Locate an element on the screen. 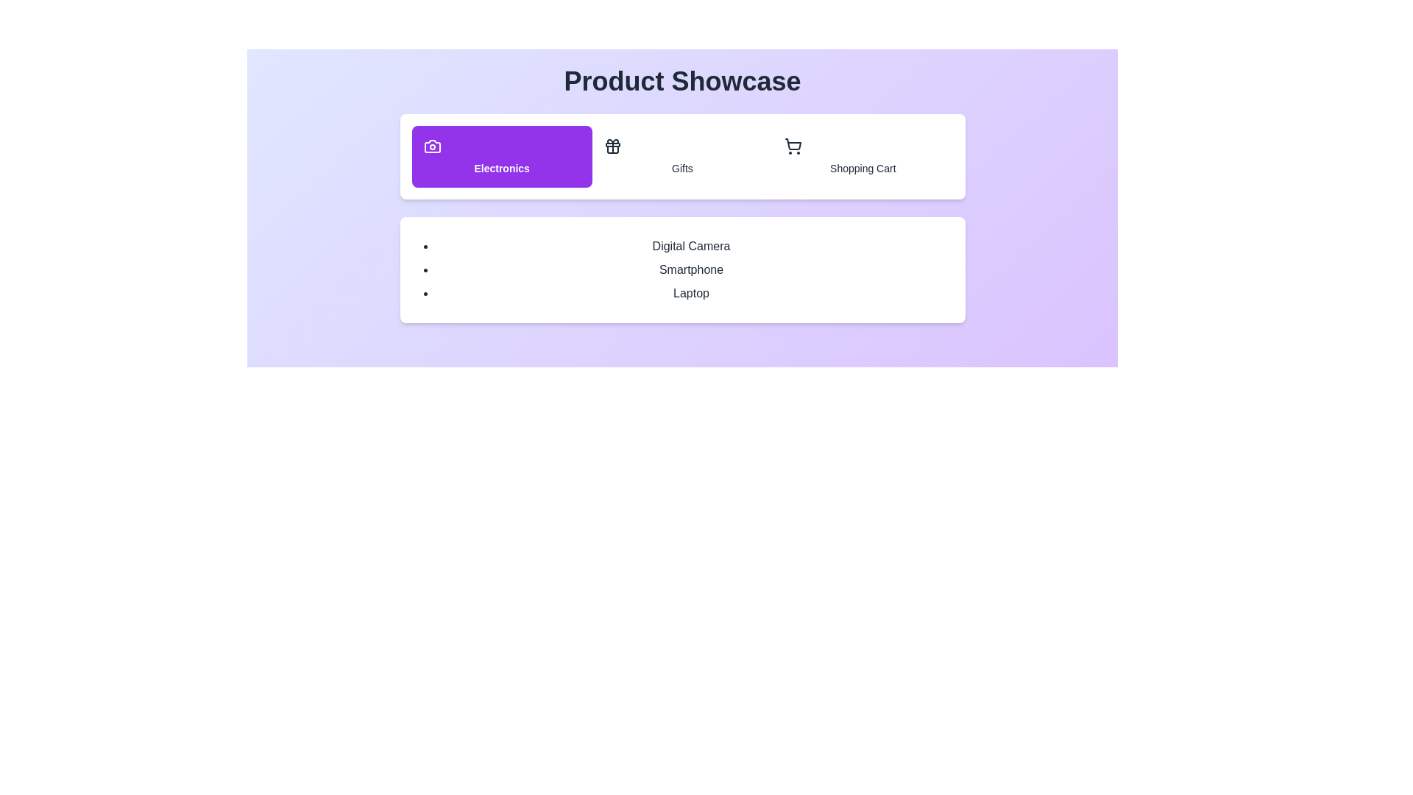 This screenshot has height=795, width=1413. the text label displaying 'Digital Camera', which is the first item in a bulleted list under the 'Electronics' tab is located at coordinates (690, 246).